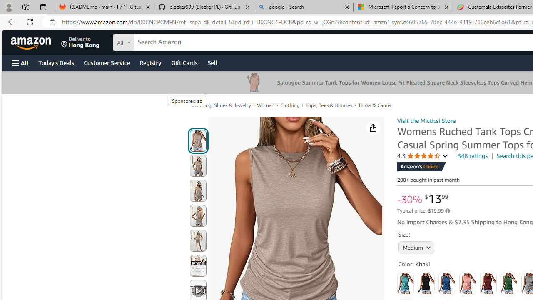  What do you see at coordinates (468, 283) in the screenshot?
I see `'Coral'` at bounding box center [468, 283].